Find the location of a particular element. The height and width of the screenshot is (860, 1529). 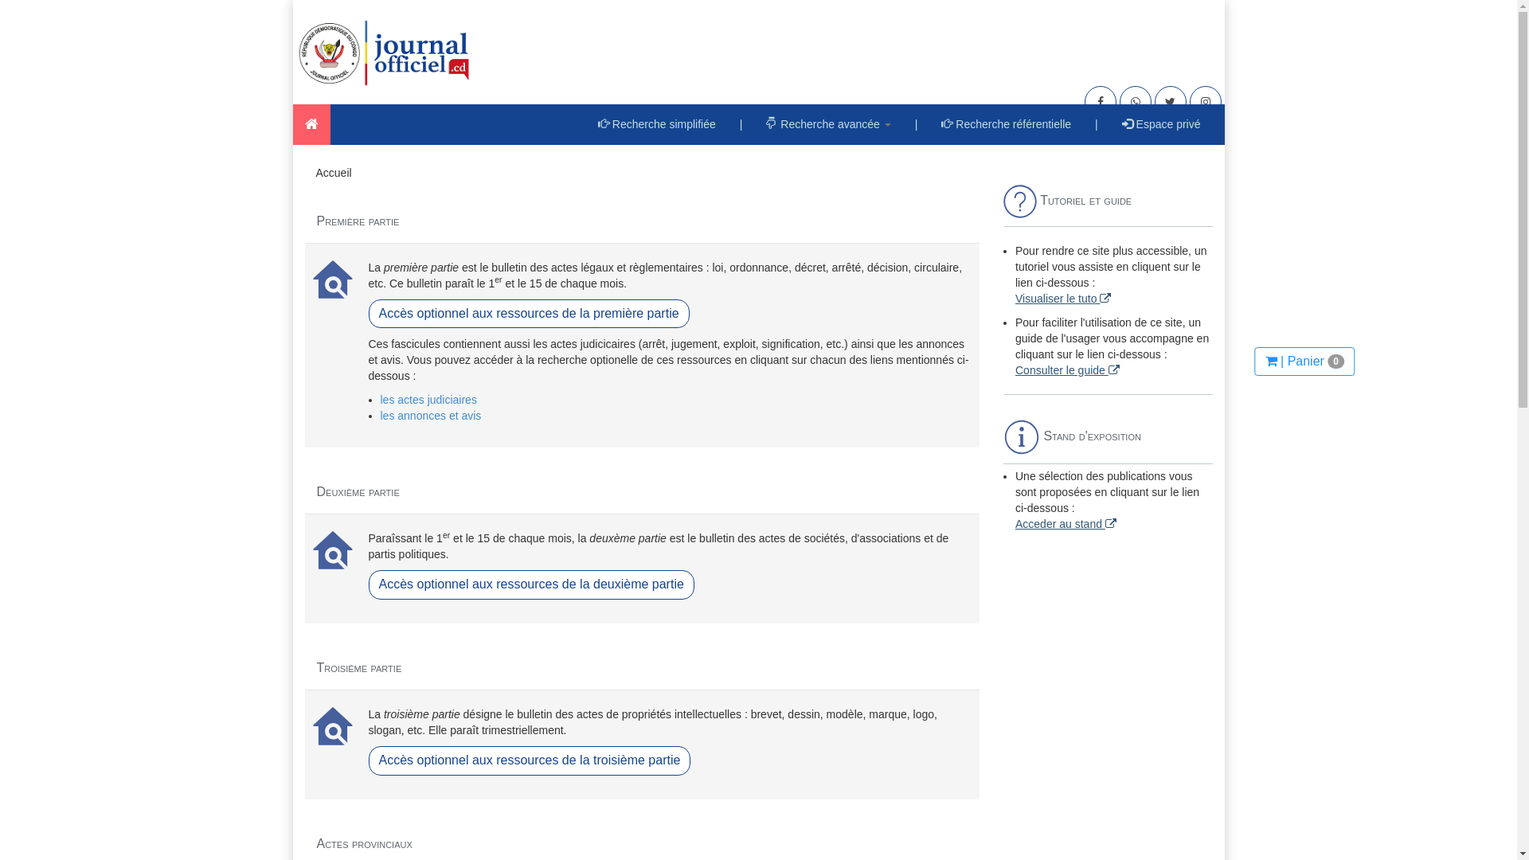

'les actes judiciaires' is located at coordinates (428, 398).